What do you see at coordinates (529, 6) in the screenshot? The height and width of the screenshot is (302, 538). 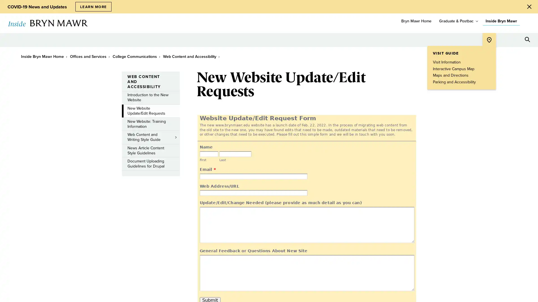 I see `Close Alert` at bounding box center [529, 6].